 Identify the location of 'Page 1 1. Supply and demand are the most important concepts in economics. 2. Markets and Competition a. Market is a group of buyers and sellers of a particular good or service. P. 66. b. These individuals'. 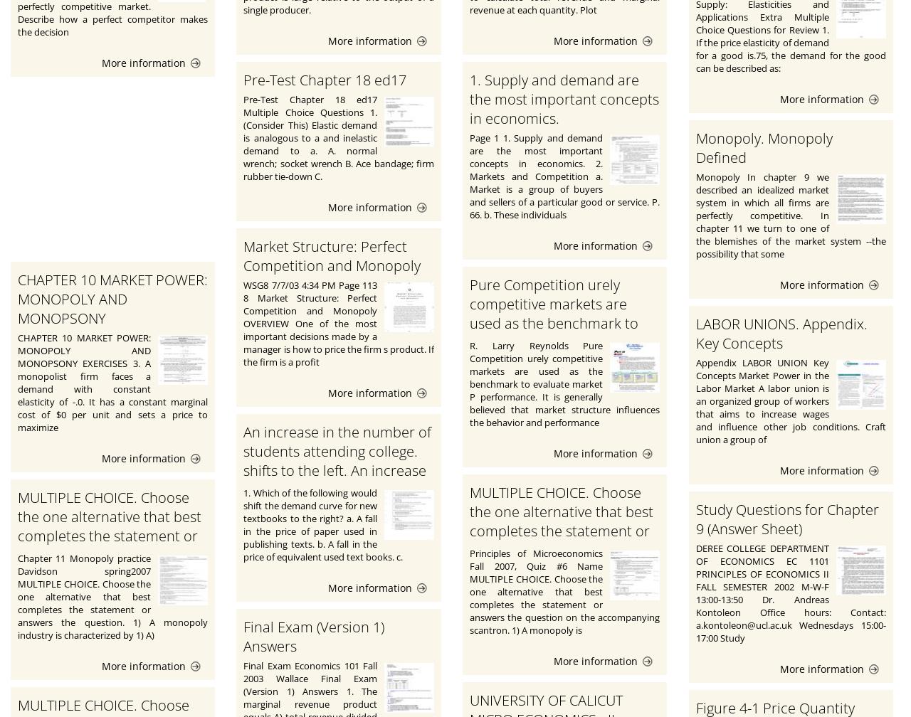
(563, 176).